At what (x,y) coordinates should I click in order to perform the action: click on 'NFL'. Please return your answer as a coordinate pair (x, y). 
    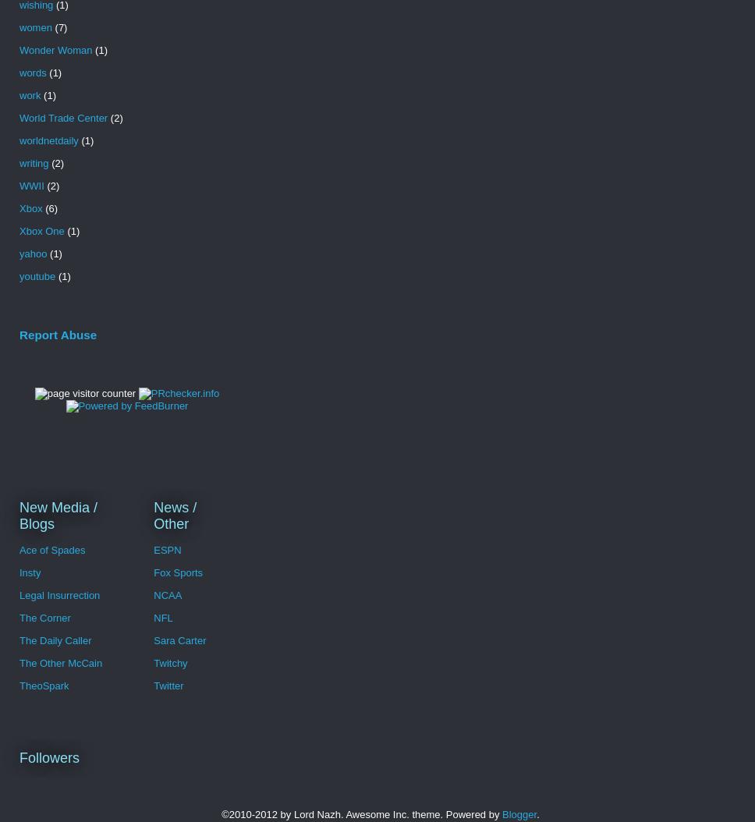
    Looking at the image, I should click on (161, 617).